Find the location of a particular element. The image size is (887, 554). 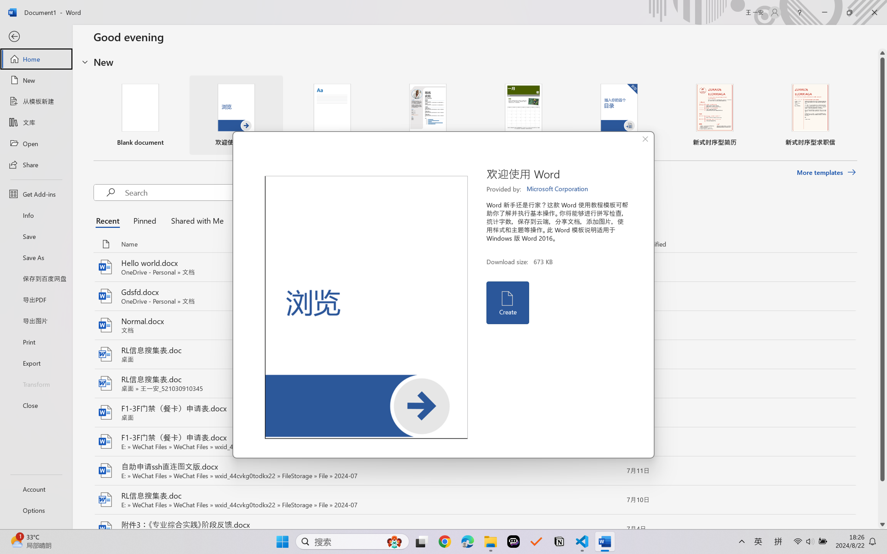

'Print' is located at coordinates (36, 342).